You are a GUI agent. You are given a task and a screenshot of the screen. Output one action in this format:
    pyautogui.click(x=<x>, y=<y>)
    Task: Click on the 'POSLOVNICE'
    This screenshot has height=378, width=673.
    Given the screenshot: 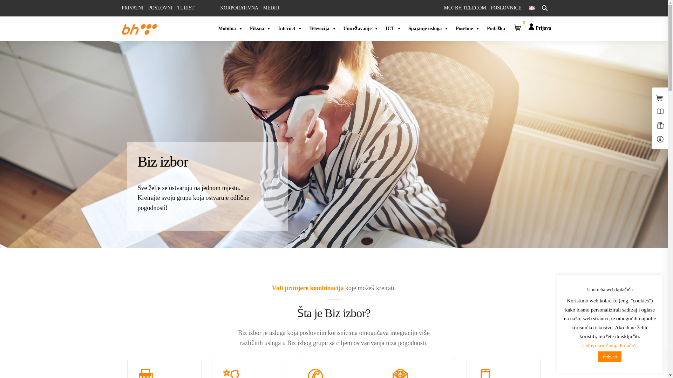 What is the action you would take?
    pyautogui.click(x=506, y=8)
    